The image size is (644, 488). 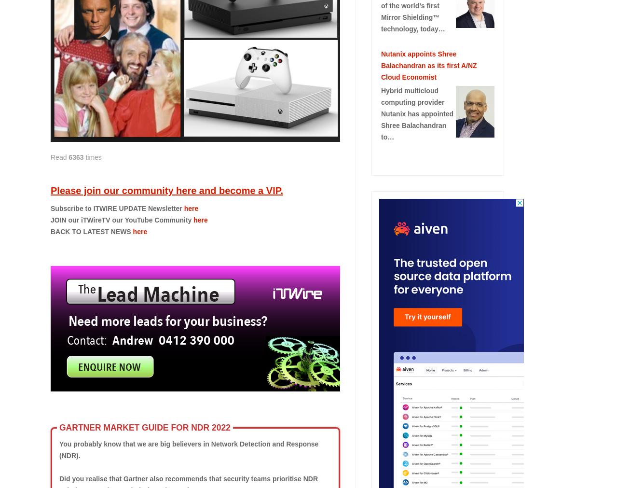 What do you see at coordinates (121, 219) in the screenshot?
I see `'JOIN our iTWireTV our YouTube Community'` at bounding box center [121, 219].